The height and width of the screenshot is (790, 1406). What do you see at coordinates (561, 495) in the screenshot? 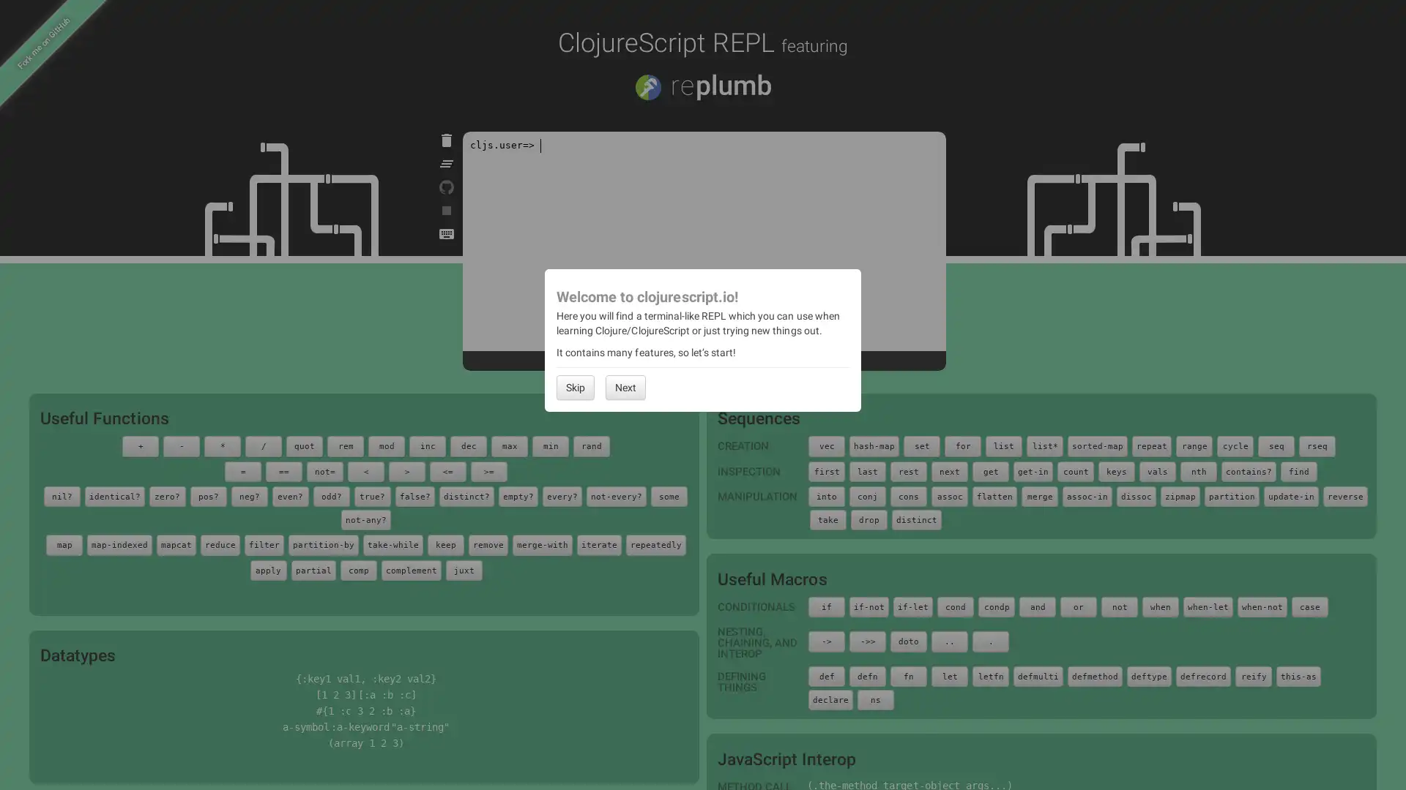
I see `every?` at bounding box center [561, 495].